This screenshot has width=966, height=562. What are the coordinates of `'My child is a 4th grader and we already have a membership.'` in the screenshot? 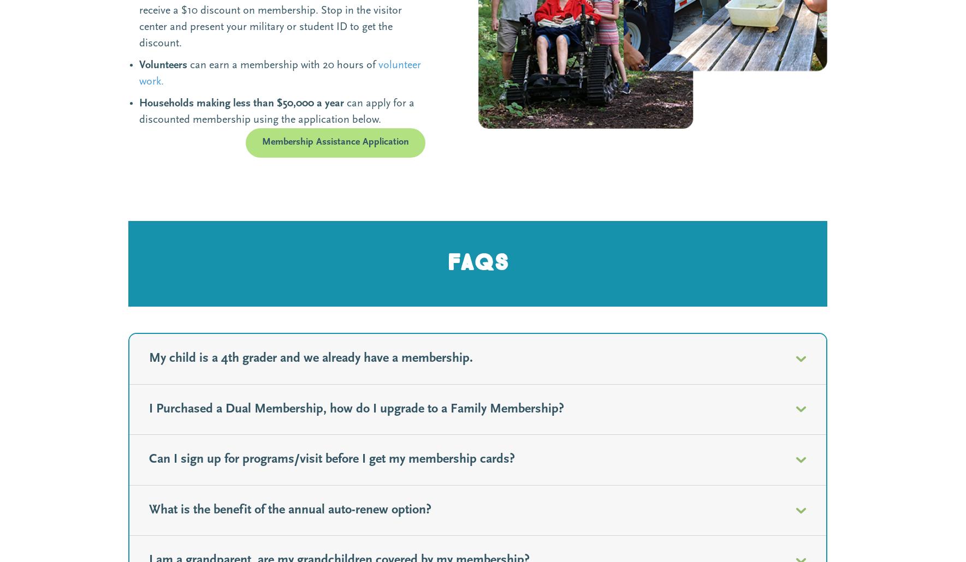 It's located at (311, 358).